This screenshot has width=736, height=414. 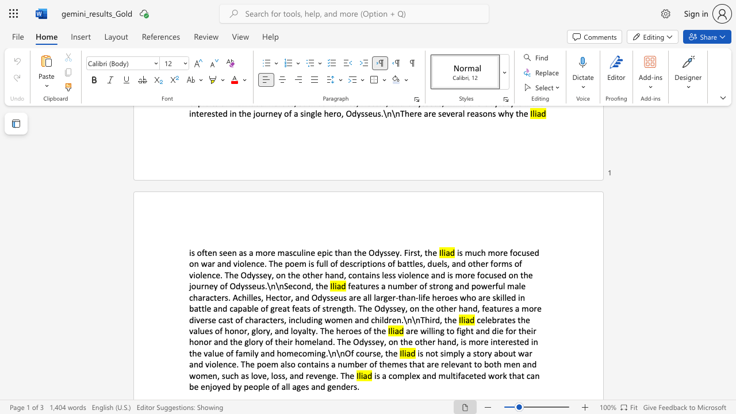 What do you see at coordinates (359, 263) in the screenshot?
I see `the subset text "iptions of battles, duels, and other forms of violen" within the text "is much more focused on war and violence. The poem is full of descriptions of battles, duels, and other forms of violence. The Odyssey, on the other hand, contains less violence and is more focused on the journey of Odysseus.\n\nSecond, the"` at bounding box center [359, 263].